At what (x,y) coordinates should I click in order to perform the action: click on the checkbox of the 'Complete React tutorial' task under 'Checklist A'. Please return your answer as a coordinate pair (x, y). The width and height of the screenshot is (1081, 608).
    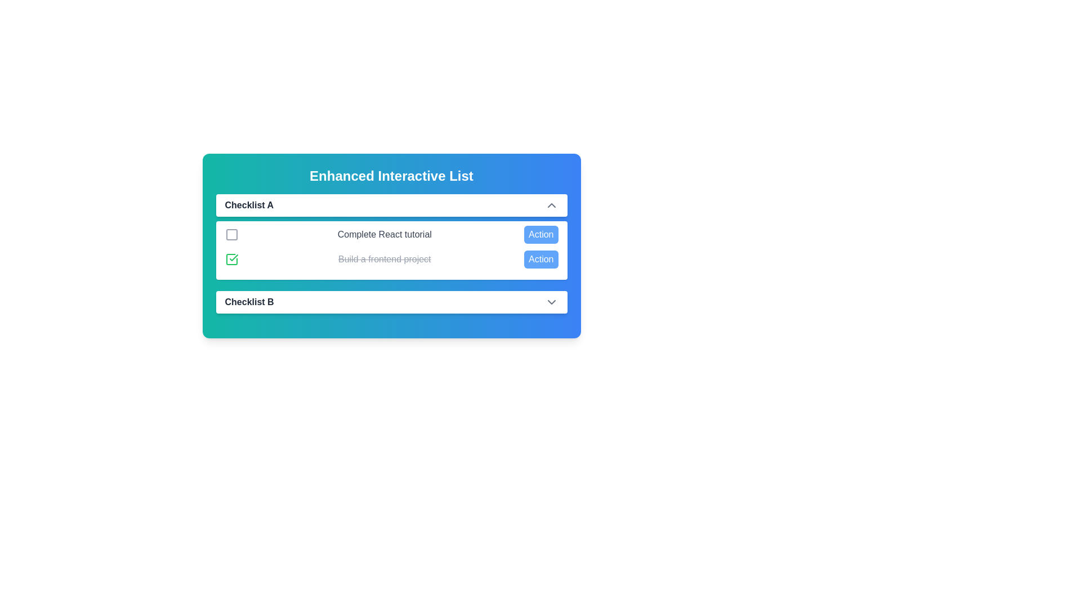
    Looking at the image, I should click on (391, 254).